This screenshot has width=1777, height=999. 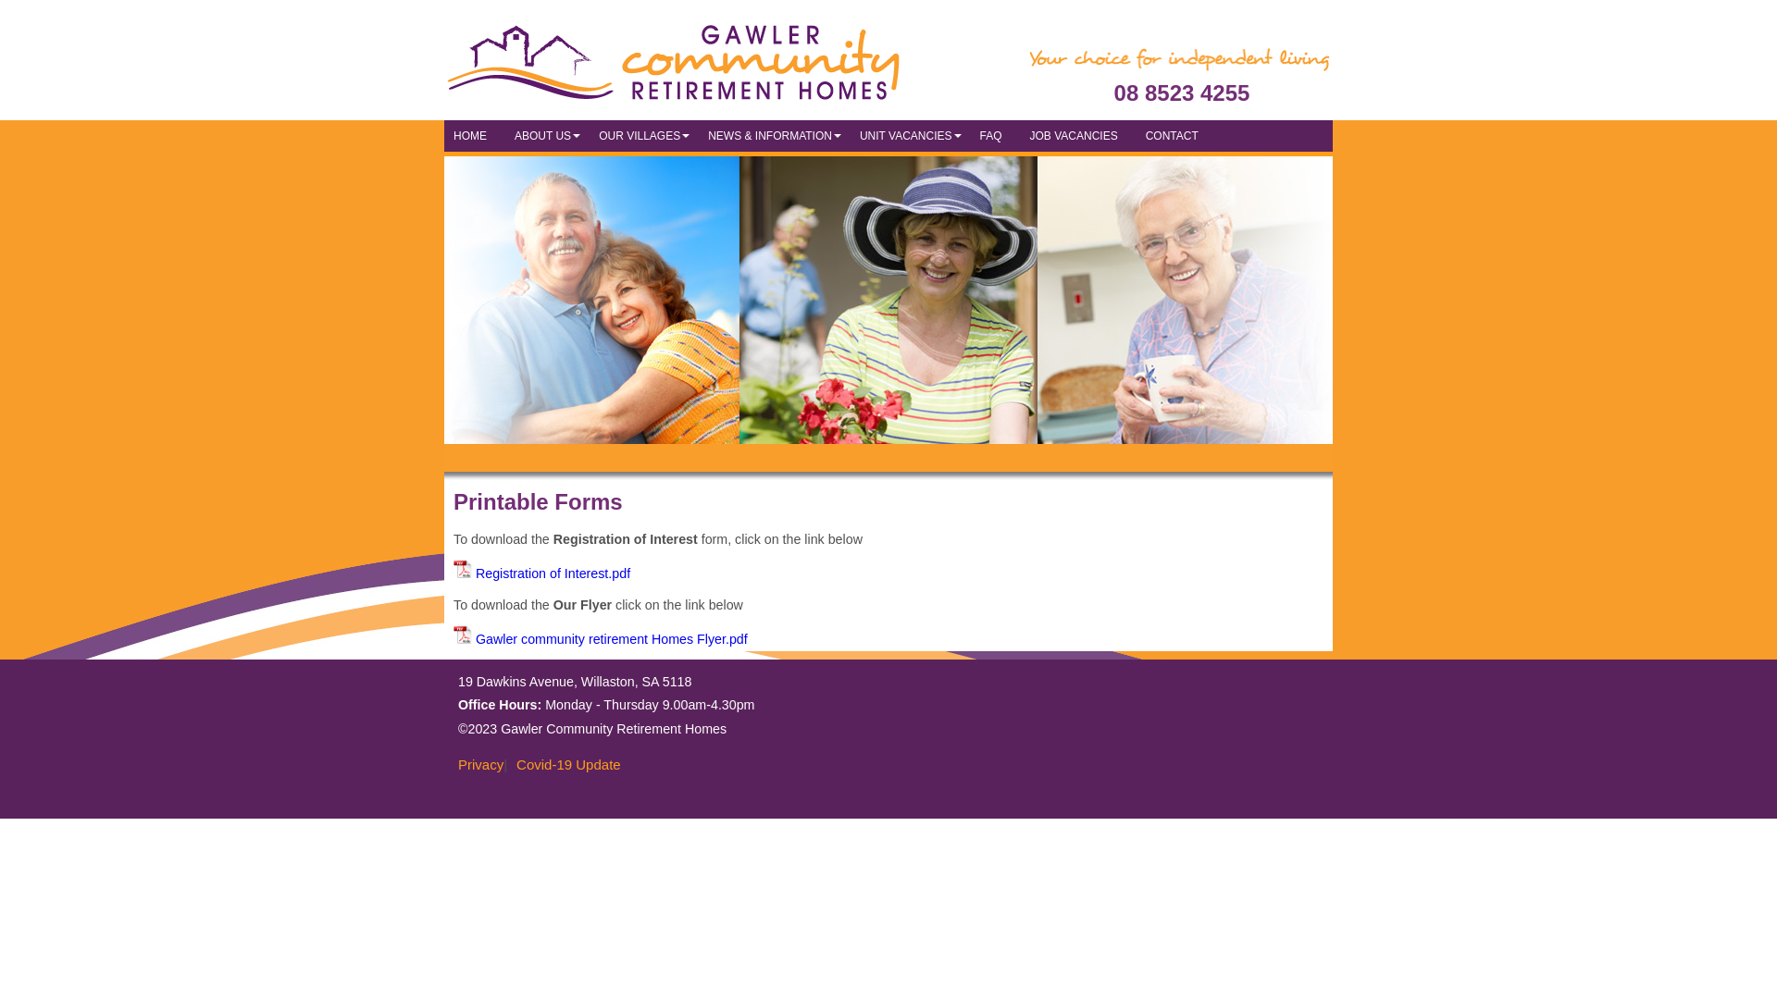 I want to click on 'HOME', so click(x=475, y=134).